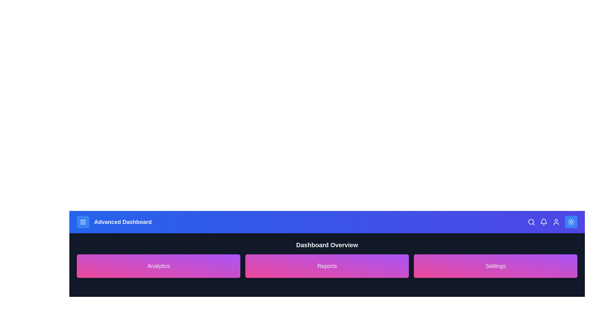  Describe the element at coordinates (571, 222) in the screenshot. I see `the button in the top-right corner to toggle the dark mode` at that location.